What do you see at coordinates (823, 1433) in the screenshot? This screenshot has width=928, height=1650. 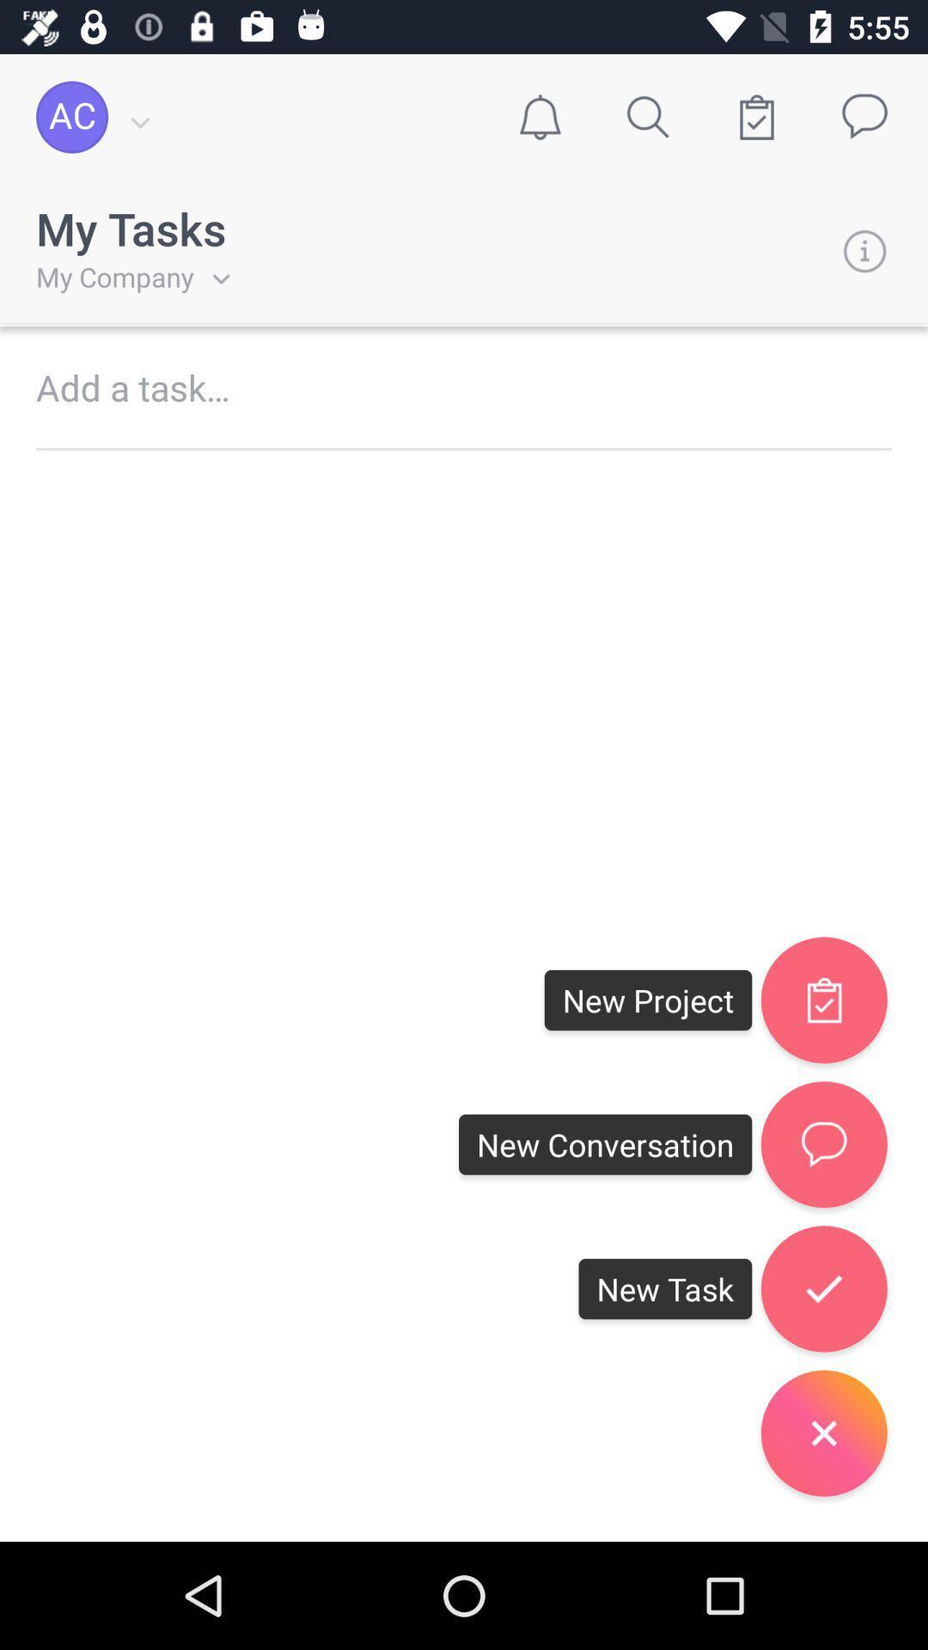 I see `close button below right button` at bounding box center [823, 1433].